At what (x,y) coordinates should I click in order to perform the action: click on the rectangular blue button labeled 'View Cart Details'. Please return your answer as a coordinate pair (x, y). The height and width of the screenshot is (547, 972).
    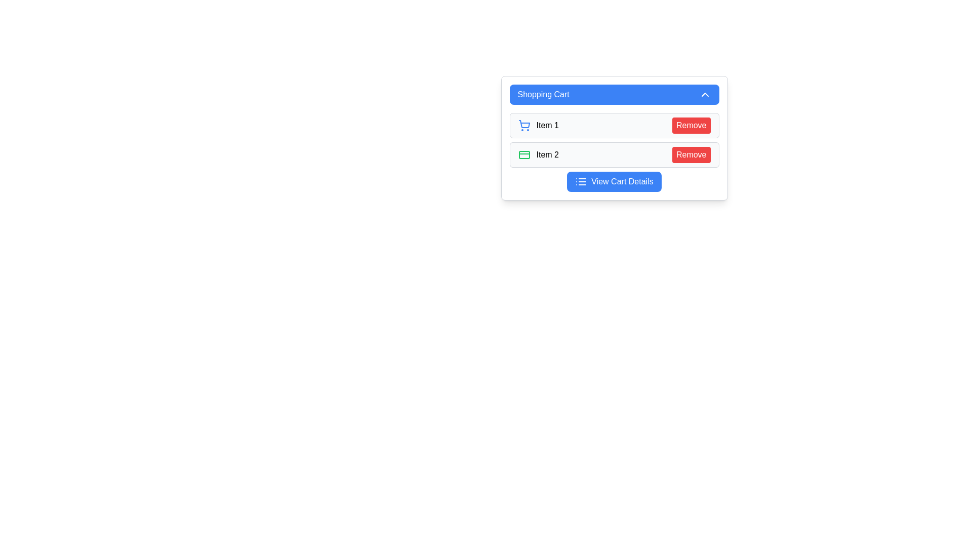
    Looking at the image, I should click on (614, 181).